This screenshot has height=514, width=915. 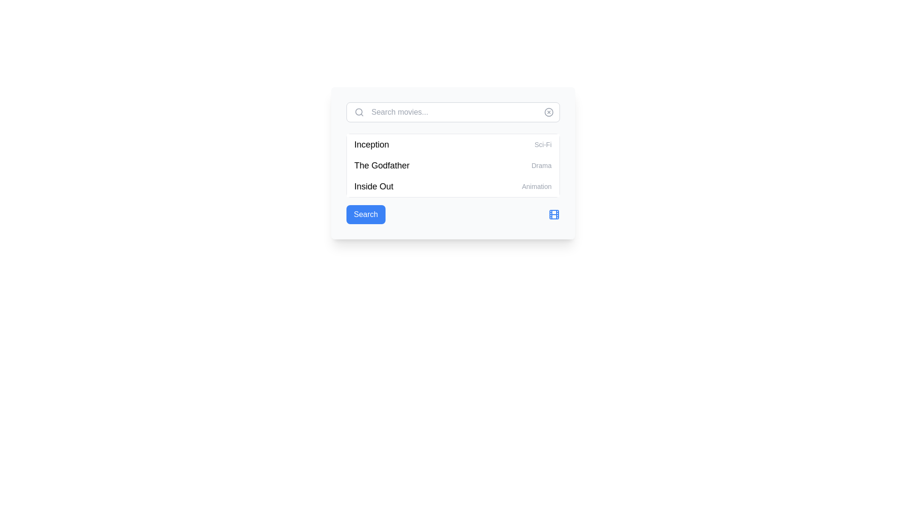 What do you see at coordinates (371, 145) in the screenshot?
I see `the text label 'Inception'` at bounding box center [371, 145].